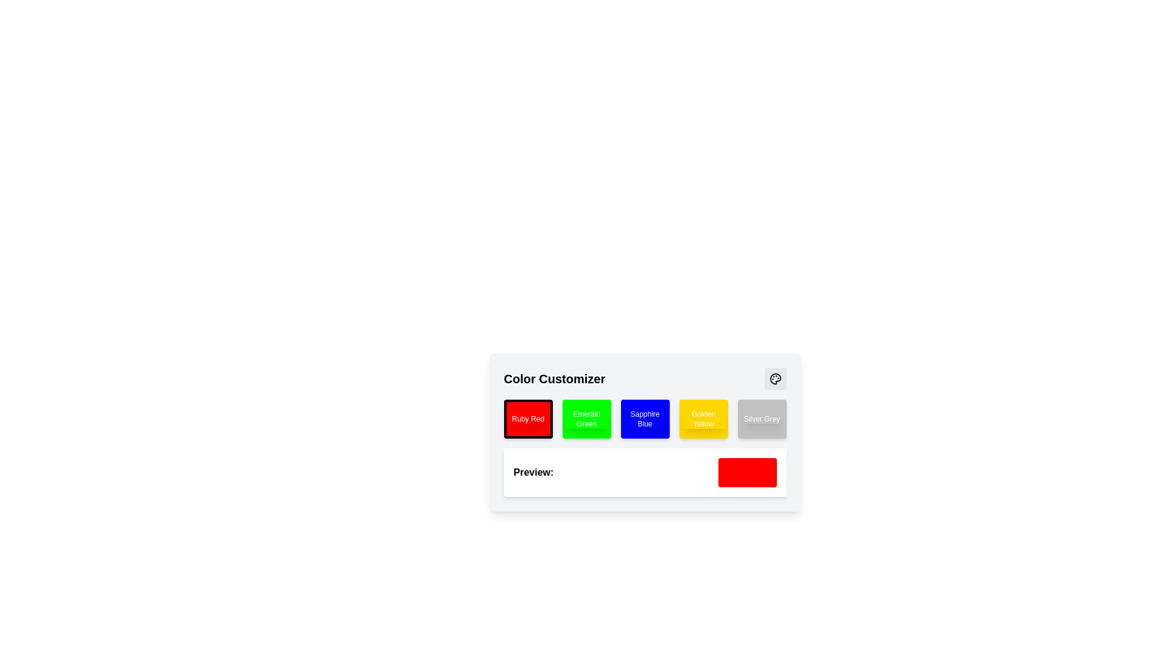  What do you see at coordinates (586, 419) in the screenshot?
I see `the second button in the color selection row labeled 'Emerald Green'` at bounding box center [586, 419].